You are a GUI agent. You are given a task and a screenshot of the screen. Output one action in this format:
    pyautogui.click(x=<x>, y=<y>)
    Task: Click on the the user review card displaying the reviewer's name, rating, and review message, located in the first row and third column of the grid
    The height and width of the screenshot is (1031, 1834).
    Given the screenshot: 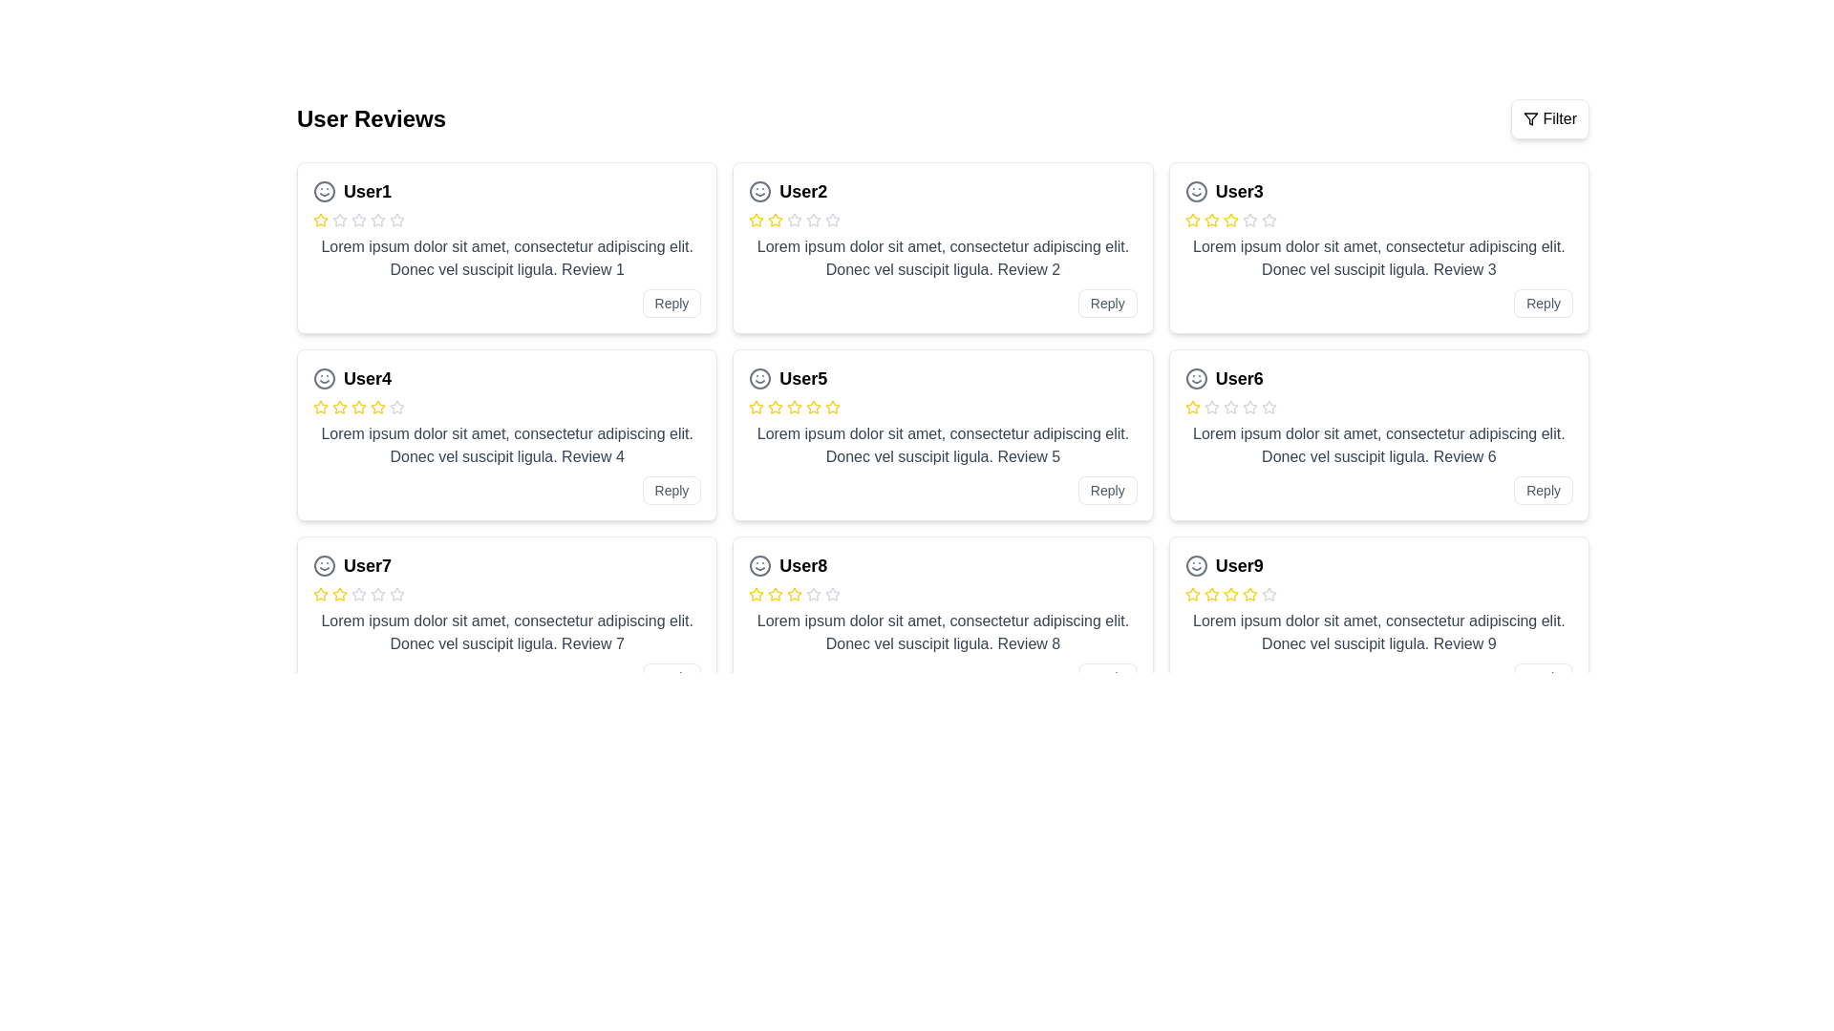 What is the action you would take?
    pyautogui.click(x=1378, y=246)
    